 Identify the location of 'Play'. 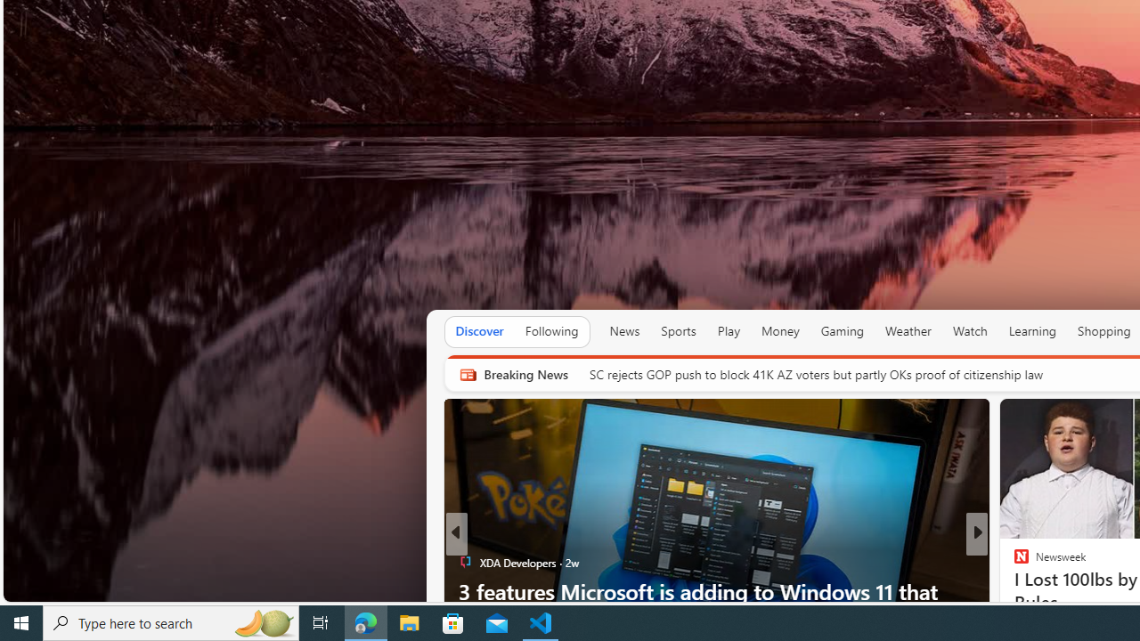
(729, 331).